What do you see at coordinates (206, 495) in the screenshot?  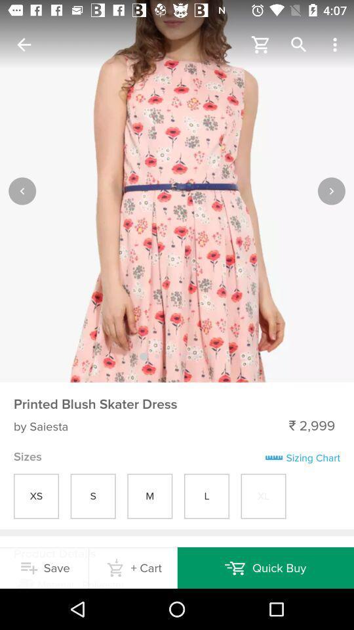 I see `l in sizes` at bounding box center [206, 495].